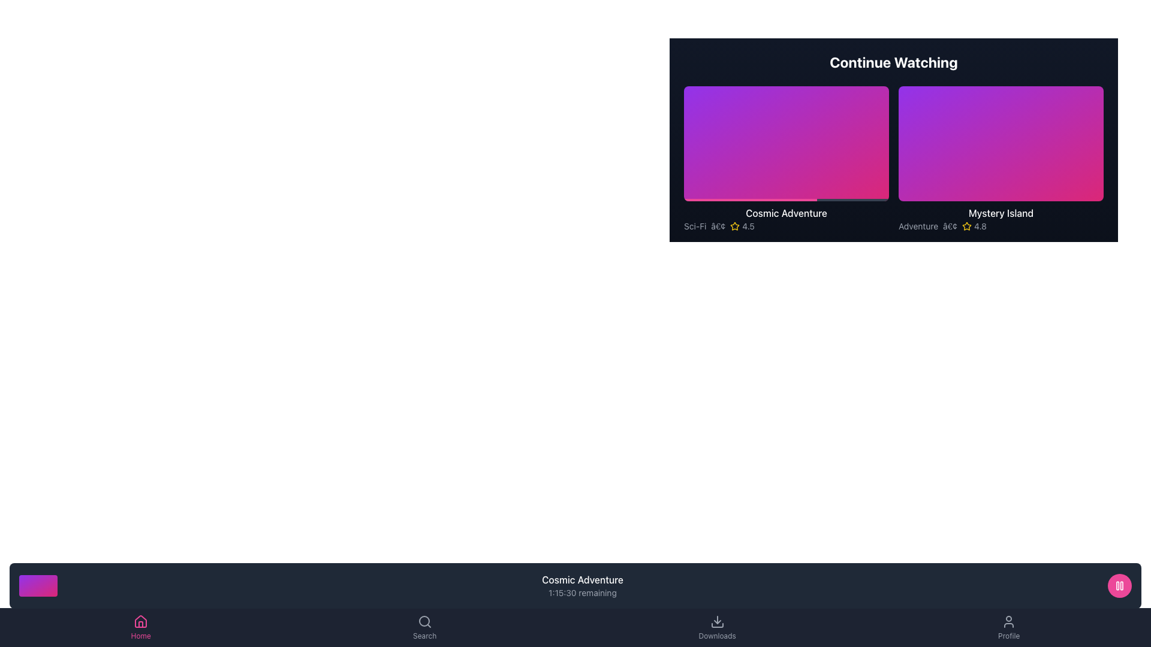 The height and width of the screenshot is (647, 1151). I want to click on the dark gray progress bar with a pink portion at the bottom of the gradient background in the left card of the 'Continue Watching' section, so click(786, 199).